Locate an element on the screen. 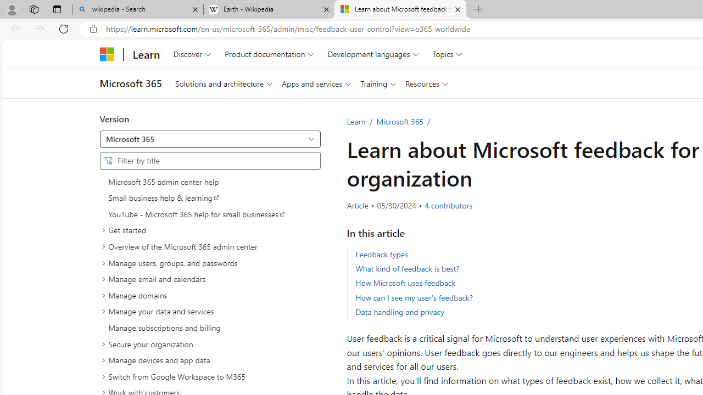 The image size is (703, 395). 'How can I see my user' is located at coordinates (413, 297).